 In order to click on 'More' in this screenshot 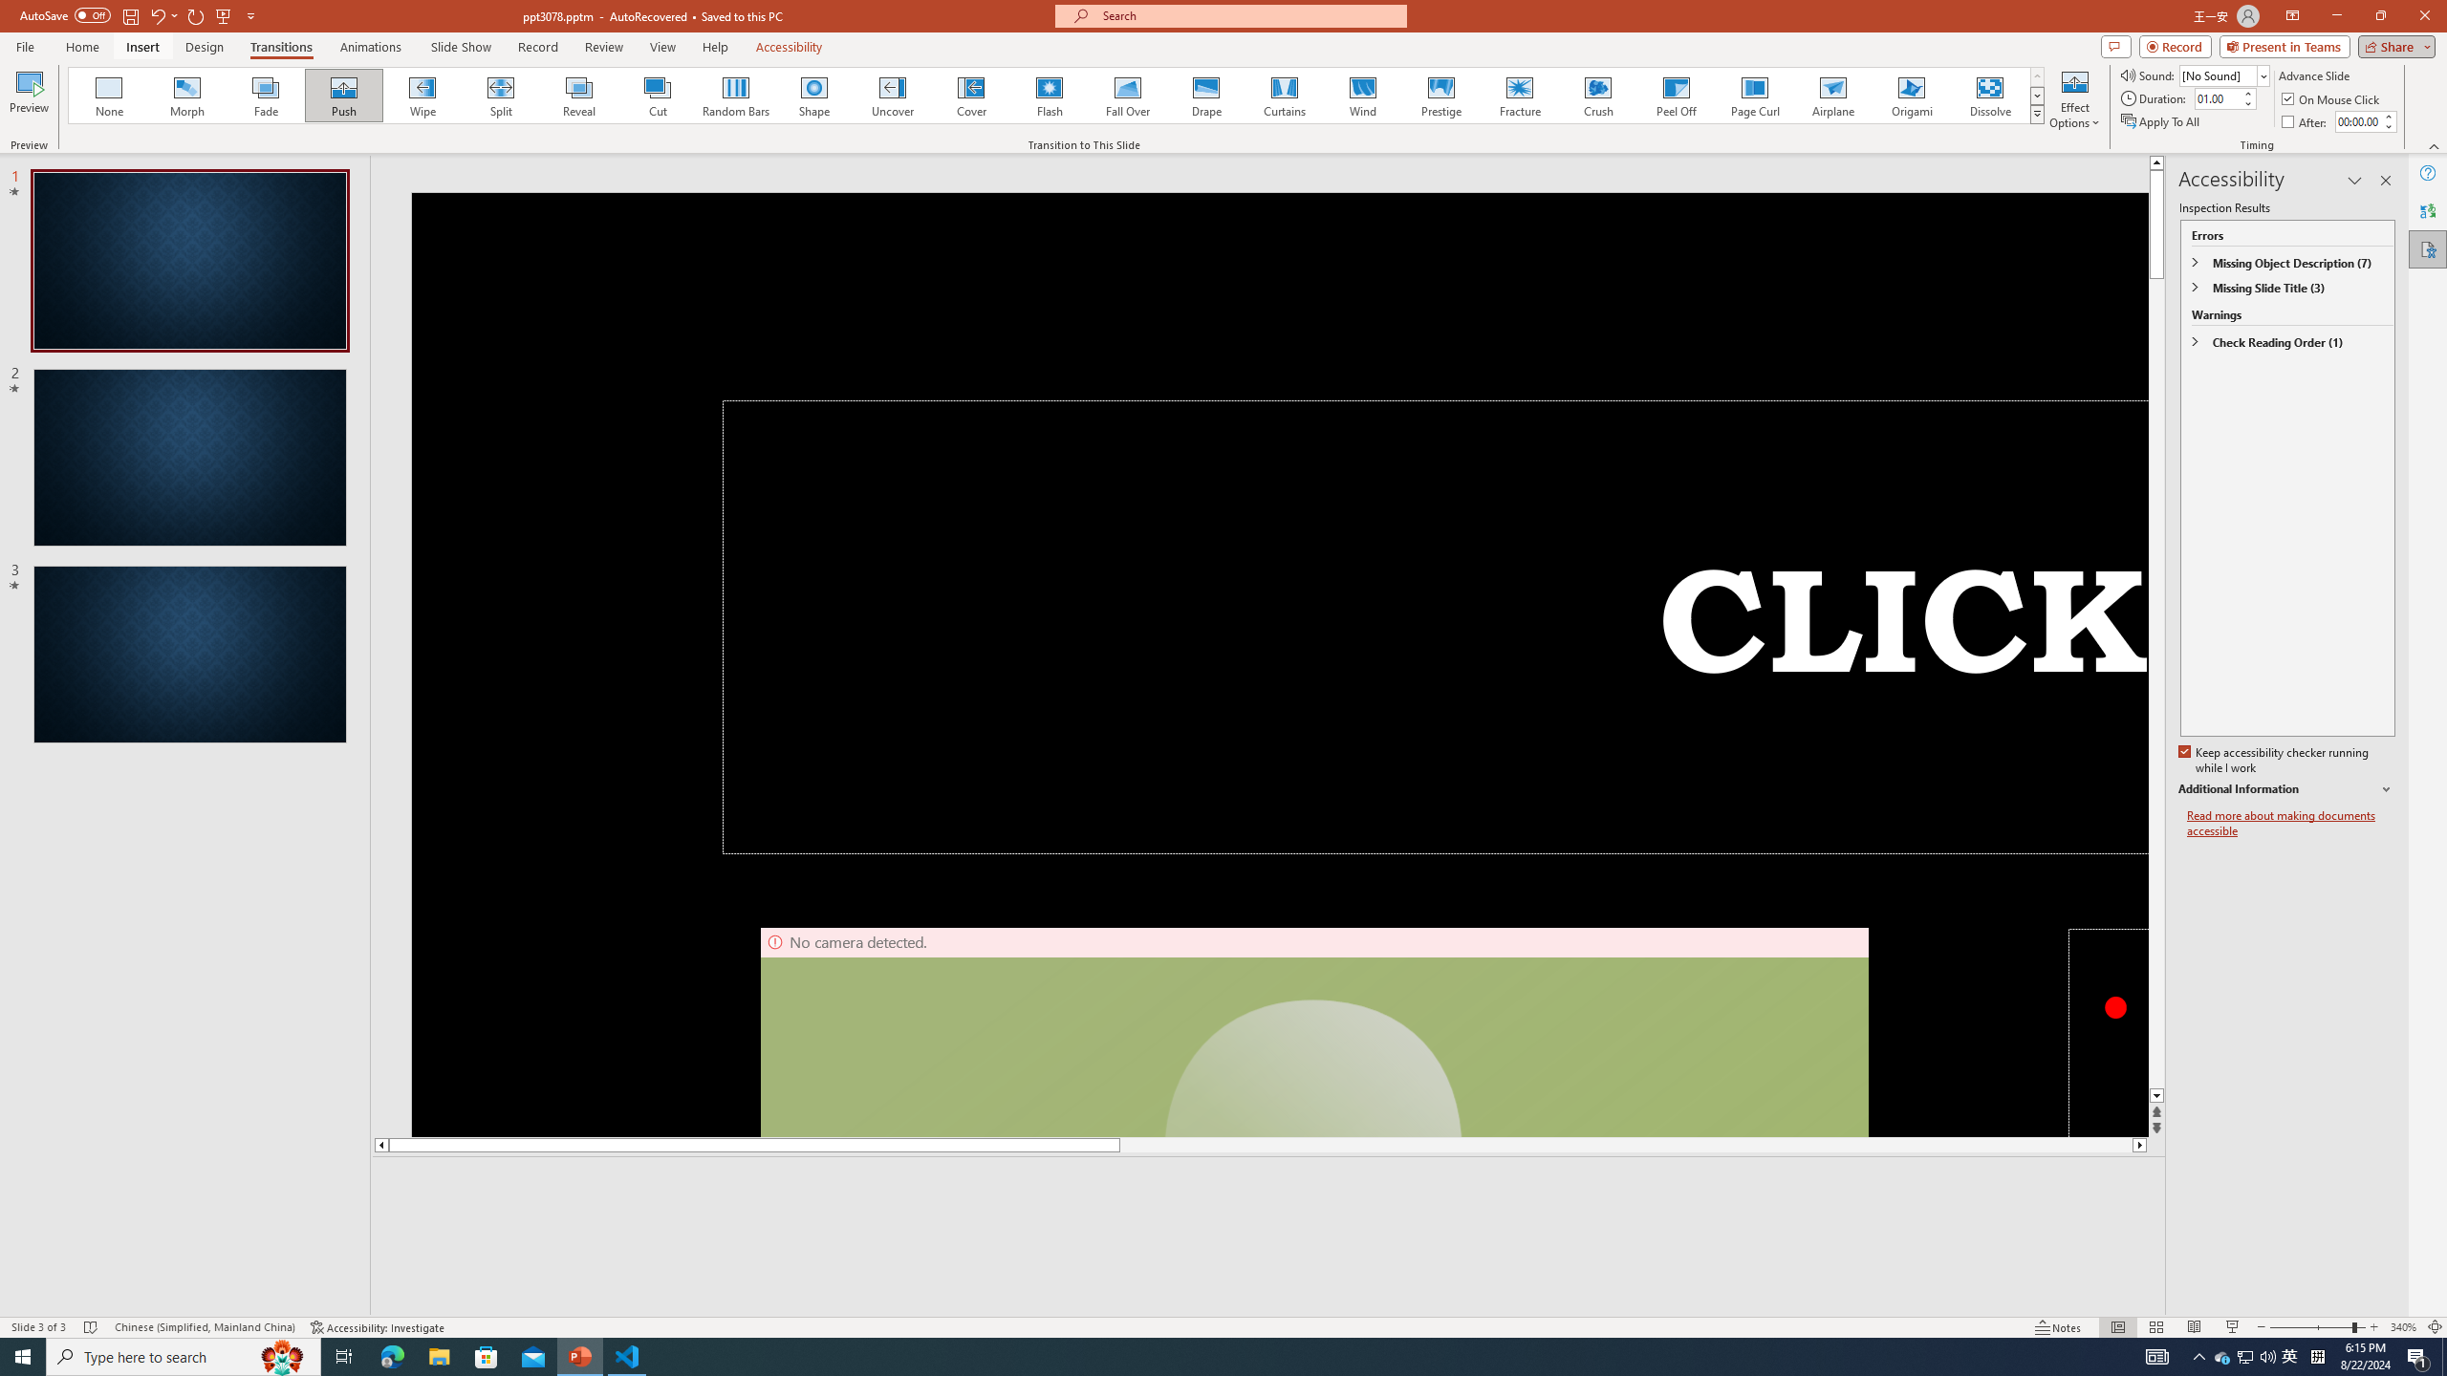, I will do `click(2388, 115)`.